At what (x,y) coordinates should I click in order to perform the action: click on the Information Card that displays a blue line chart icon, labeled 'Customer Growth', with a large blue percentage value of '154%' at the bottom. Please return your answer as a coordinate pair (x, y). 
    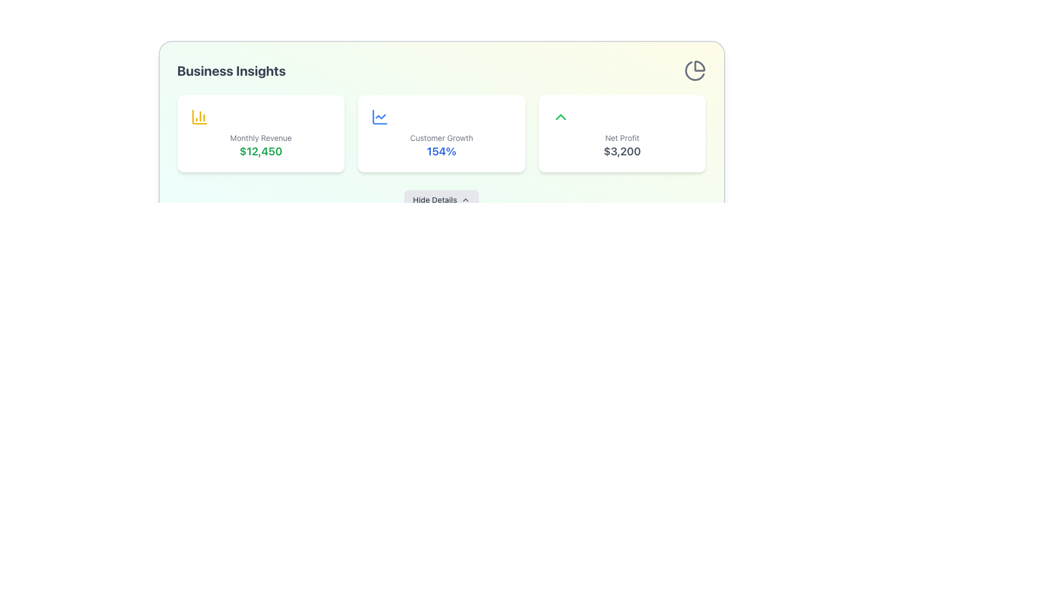
    Looking at the image, I should click on (441, 133).